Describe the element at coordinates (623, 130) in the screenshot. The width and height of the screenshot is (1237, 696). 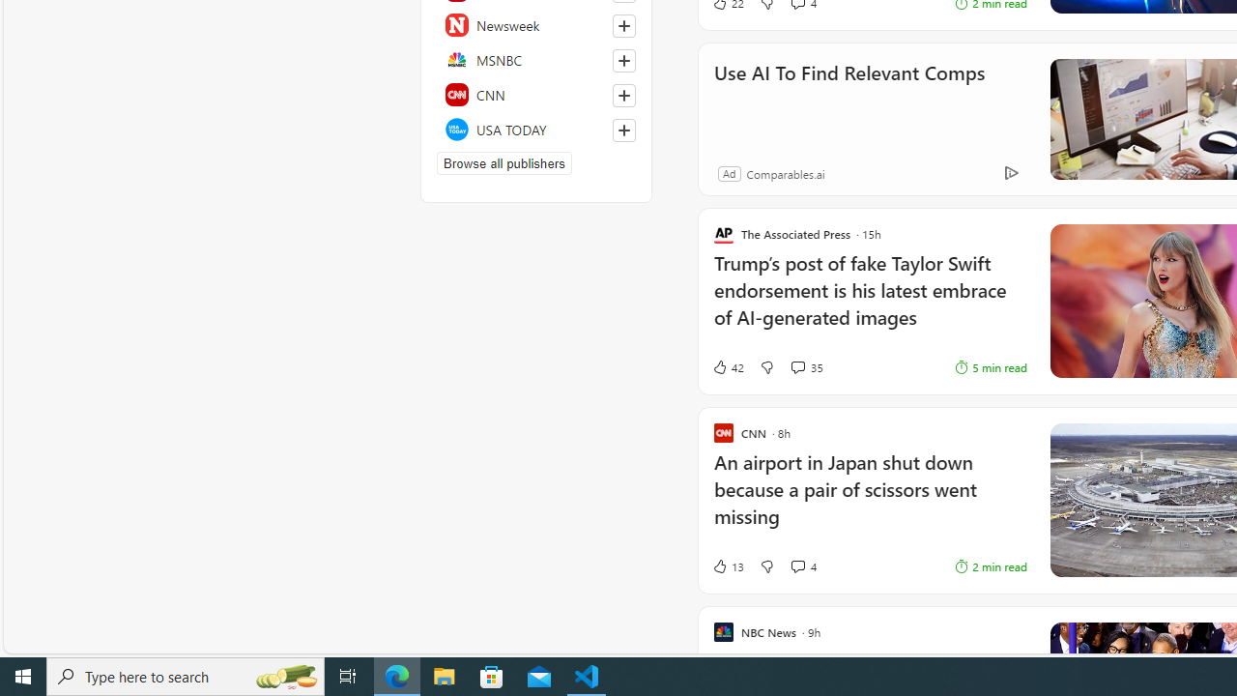
I see `'Follow this source'` at that location.